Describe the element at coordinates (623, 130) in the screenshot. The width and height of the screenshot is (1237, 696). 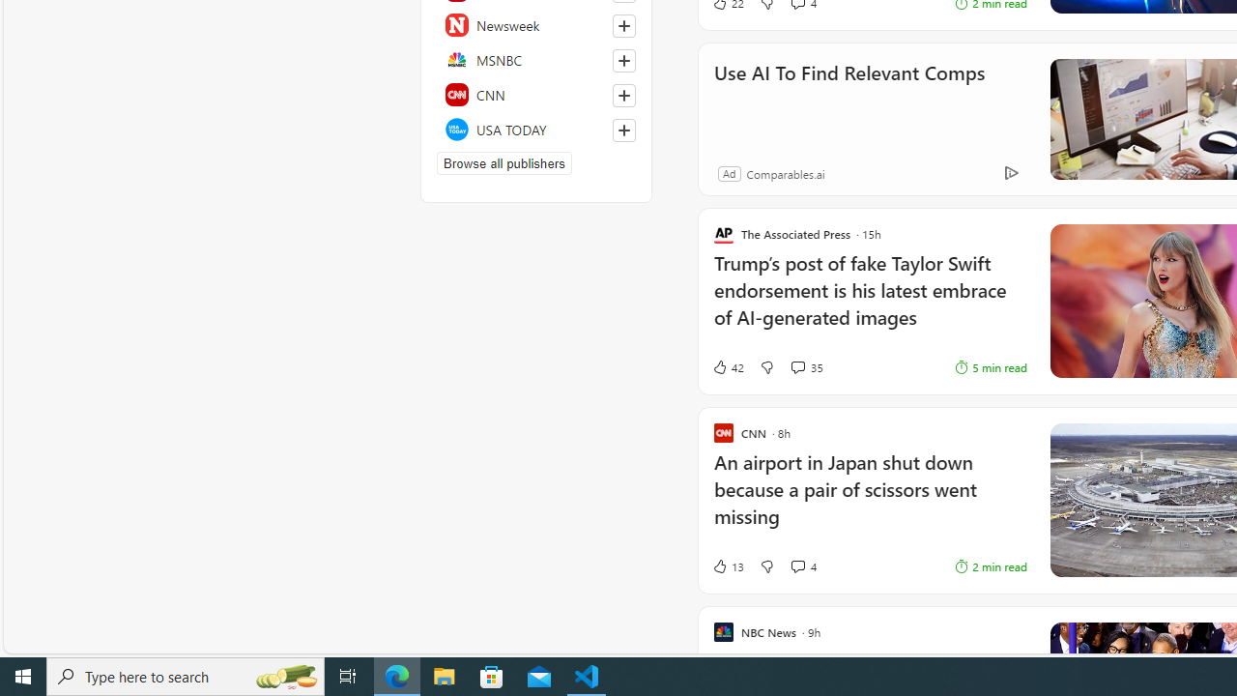
I see `'Follow this source'` at that location.